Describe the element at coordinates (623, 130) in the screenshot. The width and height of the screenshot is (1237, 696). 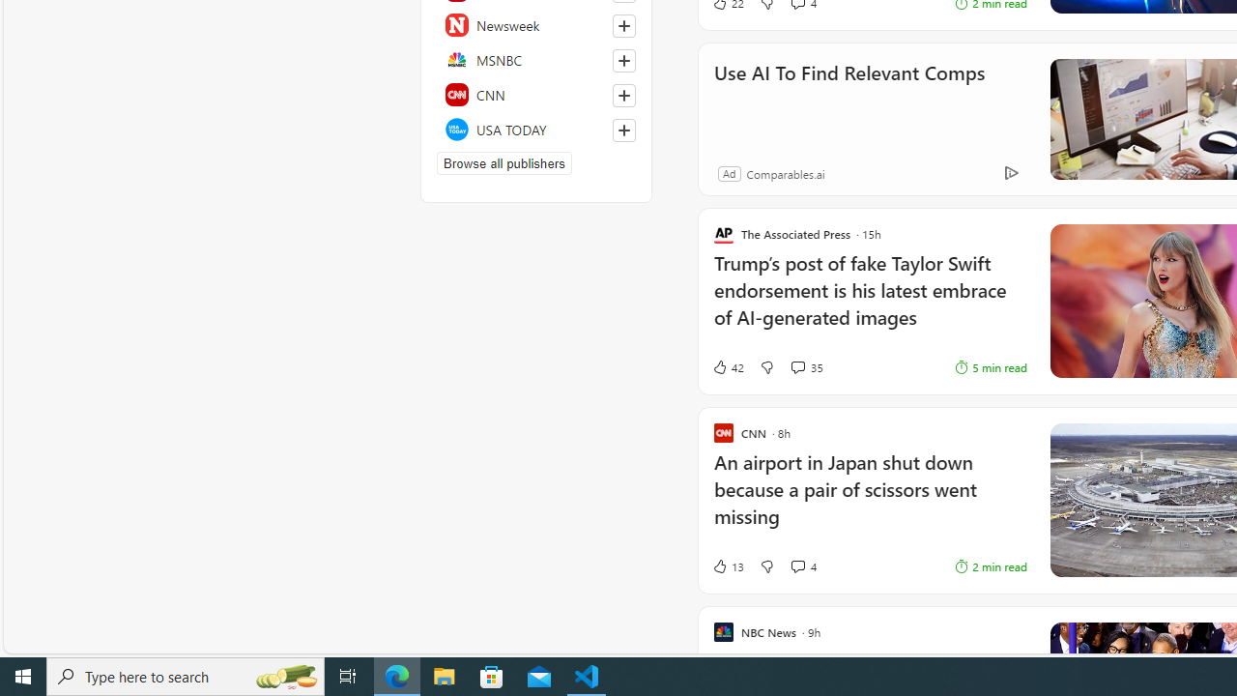
I see `'Follow this source'` at that location.